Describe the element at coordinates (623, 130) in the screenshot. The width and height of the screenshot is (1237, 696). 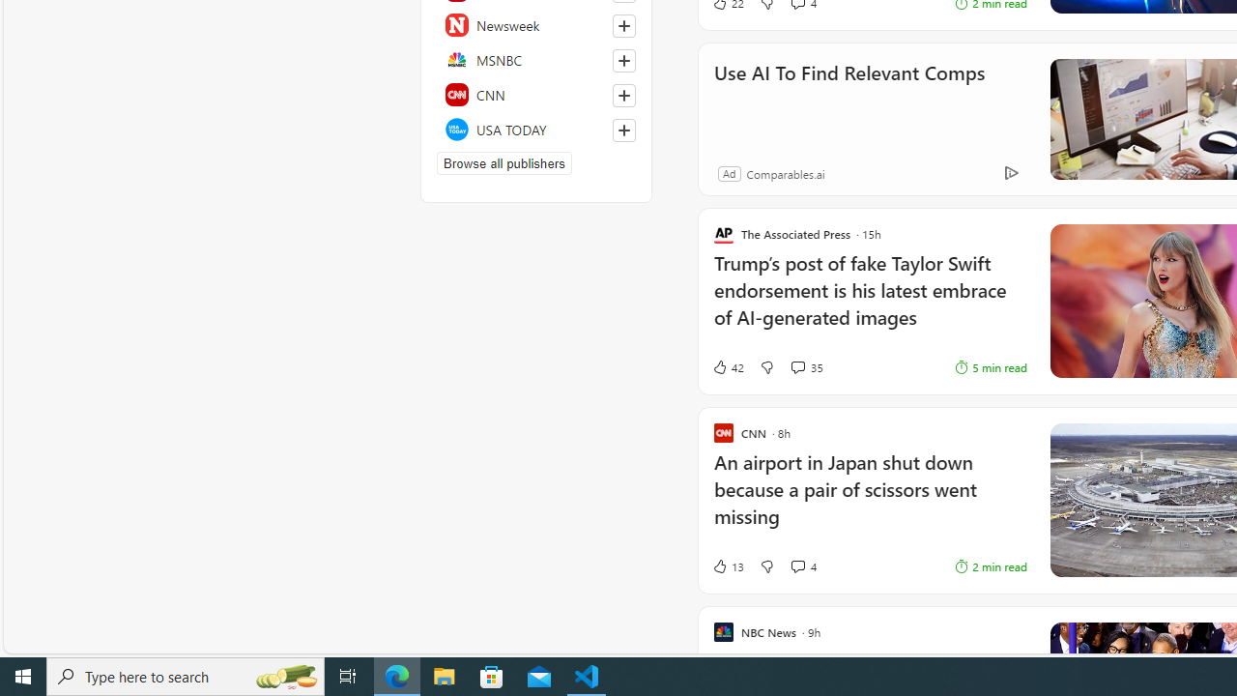
I see `'Follow this source'` at that location.